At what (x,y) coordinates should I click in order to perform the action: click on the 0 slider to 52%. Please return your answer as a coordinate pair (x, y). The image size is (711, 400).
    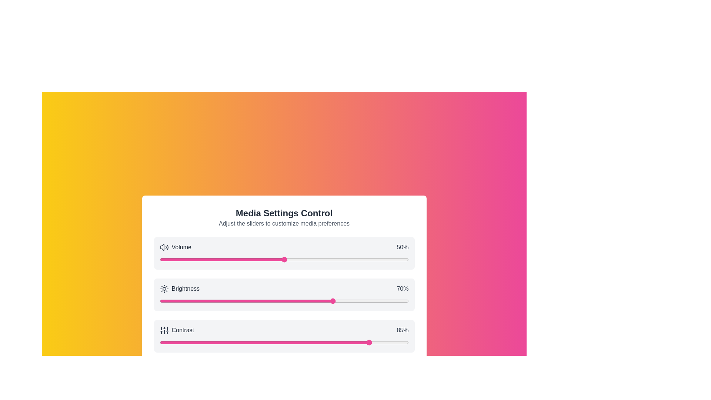
    Looking at the image, I should click on (288, 259).